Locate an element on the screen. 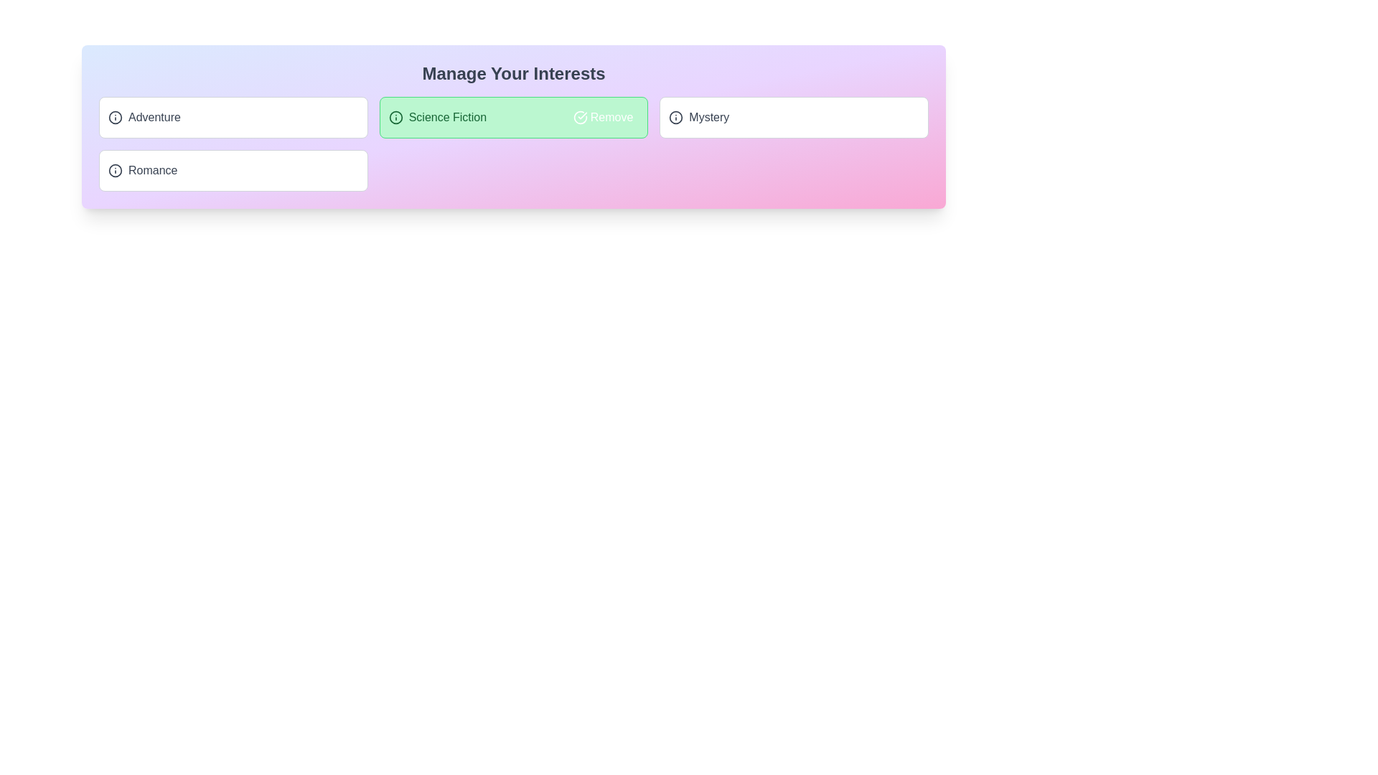 The width and height of the screenshot is (1378, 775). the action button next to the tag labeled 'Science Fiction' to toggle its 'added' status is located at coordinates (603, 117).